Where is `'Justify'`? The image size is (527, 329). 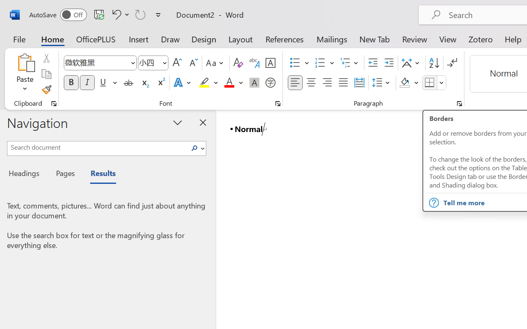 'Justify' is located at coordinates (343, 83).